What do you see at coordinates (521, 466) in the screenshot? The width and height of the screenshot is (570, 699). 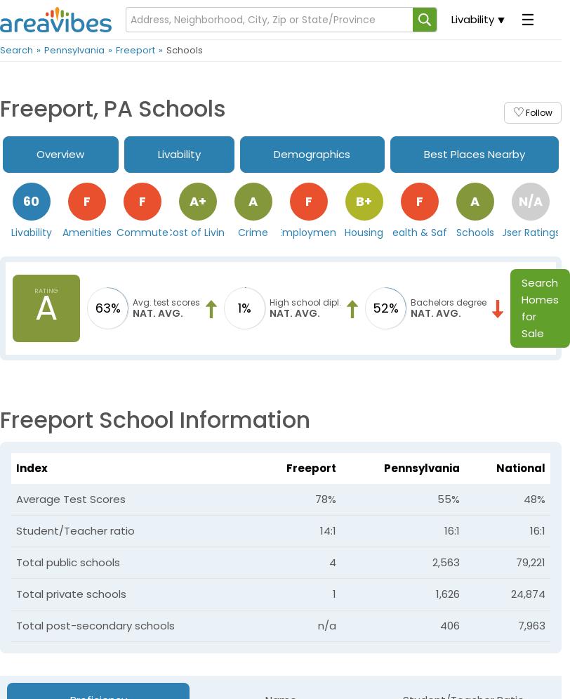 I see `'National'` at bounding box center [521, 466].